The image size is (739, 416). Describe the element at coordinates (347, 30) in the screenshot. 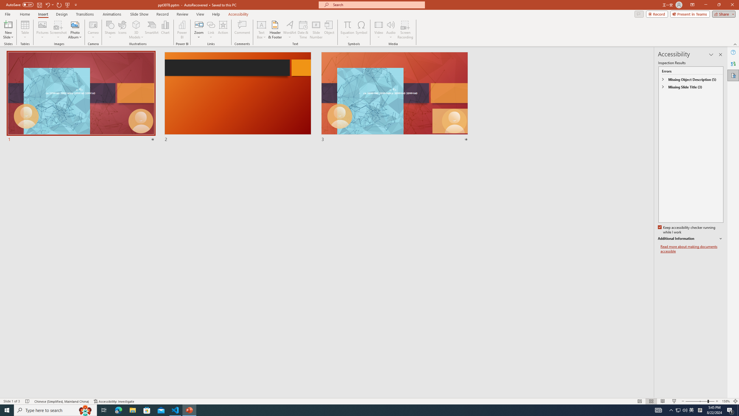

I see `'Equation'` at that location.